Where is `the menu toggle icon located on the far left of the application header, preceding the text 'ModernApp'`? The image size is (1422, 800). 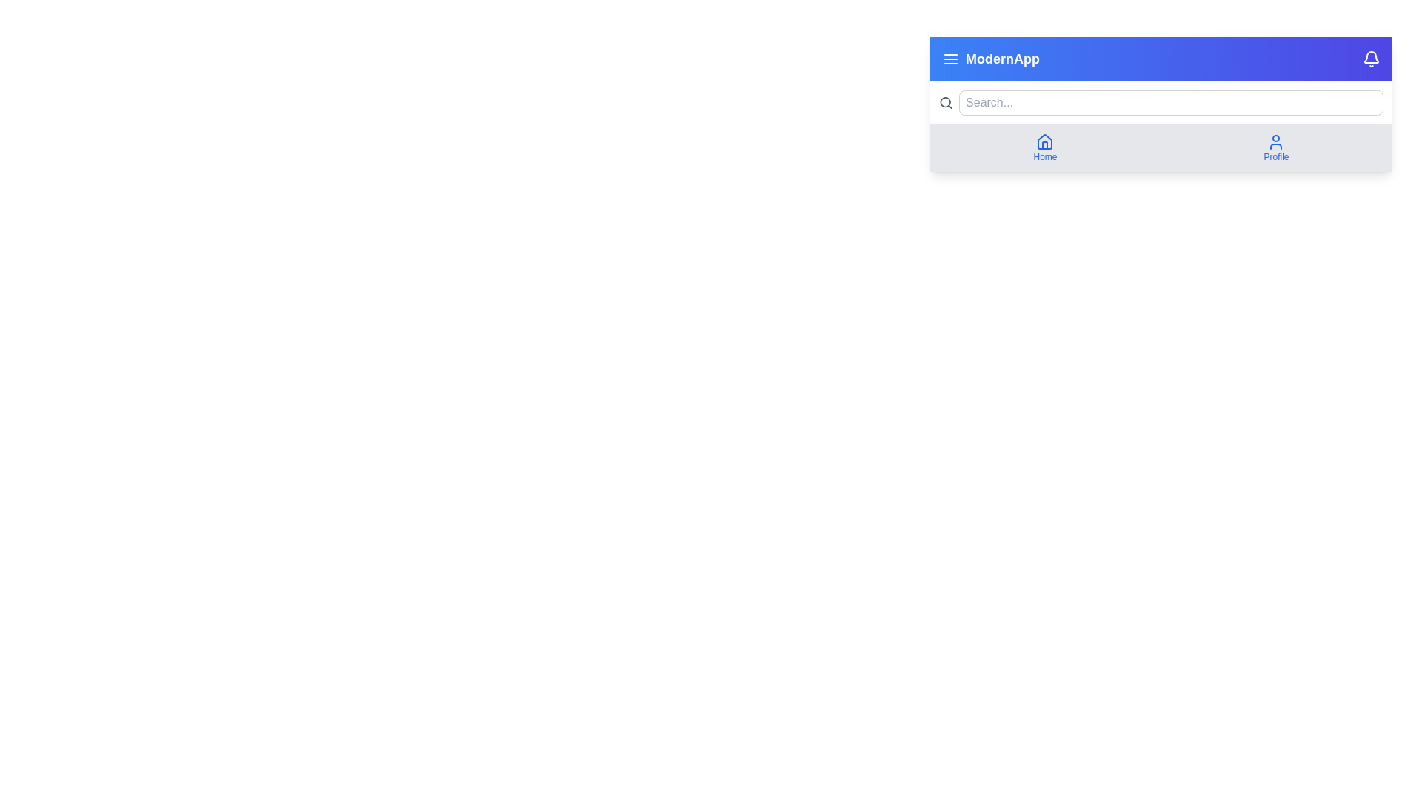 the menu toggle icon located on the far left of the application header, preceding the text 'ModernApp' is located at coordinates (950, 59).